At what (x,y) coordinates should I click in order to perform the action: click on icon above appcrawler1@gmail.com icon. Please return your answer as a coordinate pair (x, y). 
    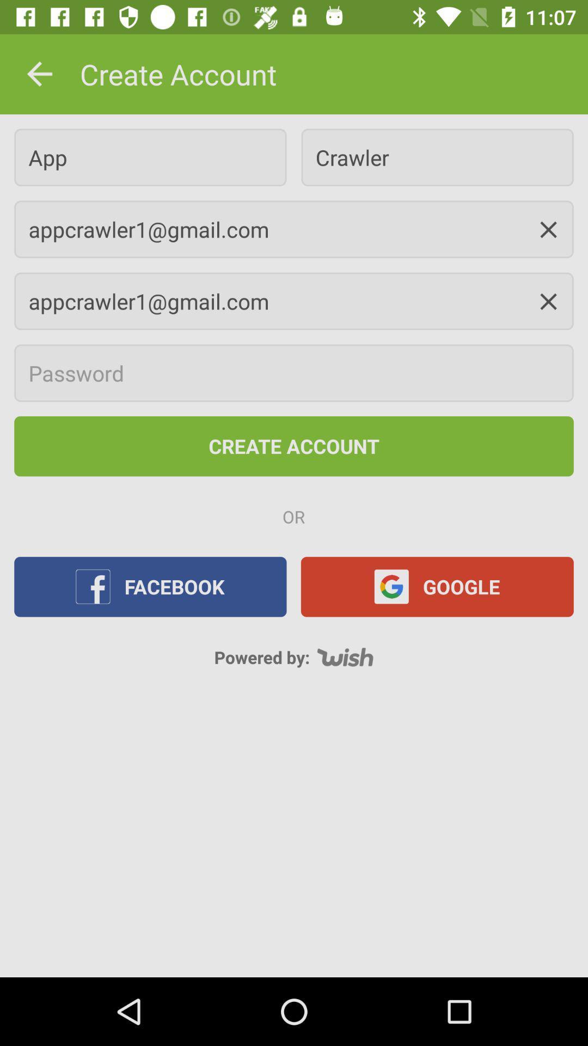
    Looking at the image, I should click on (150, 157).